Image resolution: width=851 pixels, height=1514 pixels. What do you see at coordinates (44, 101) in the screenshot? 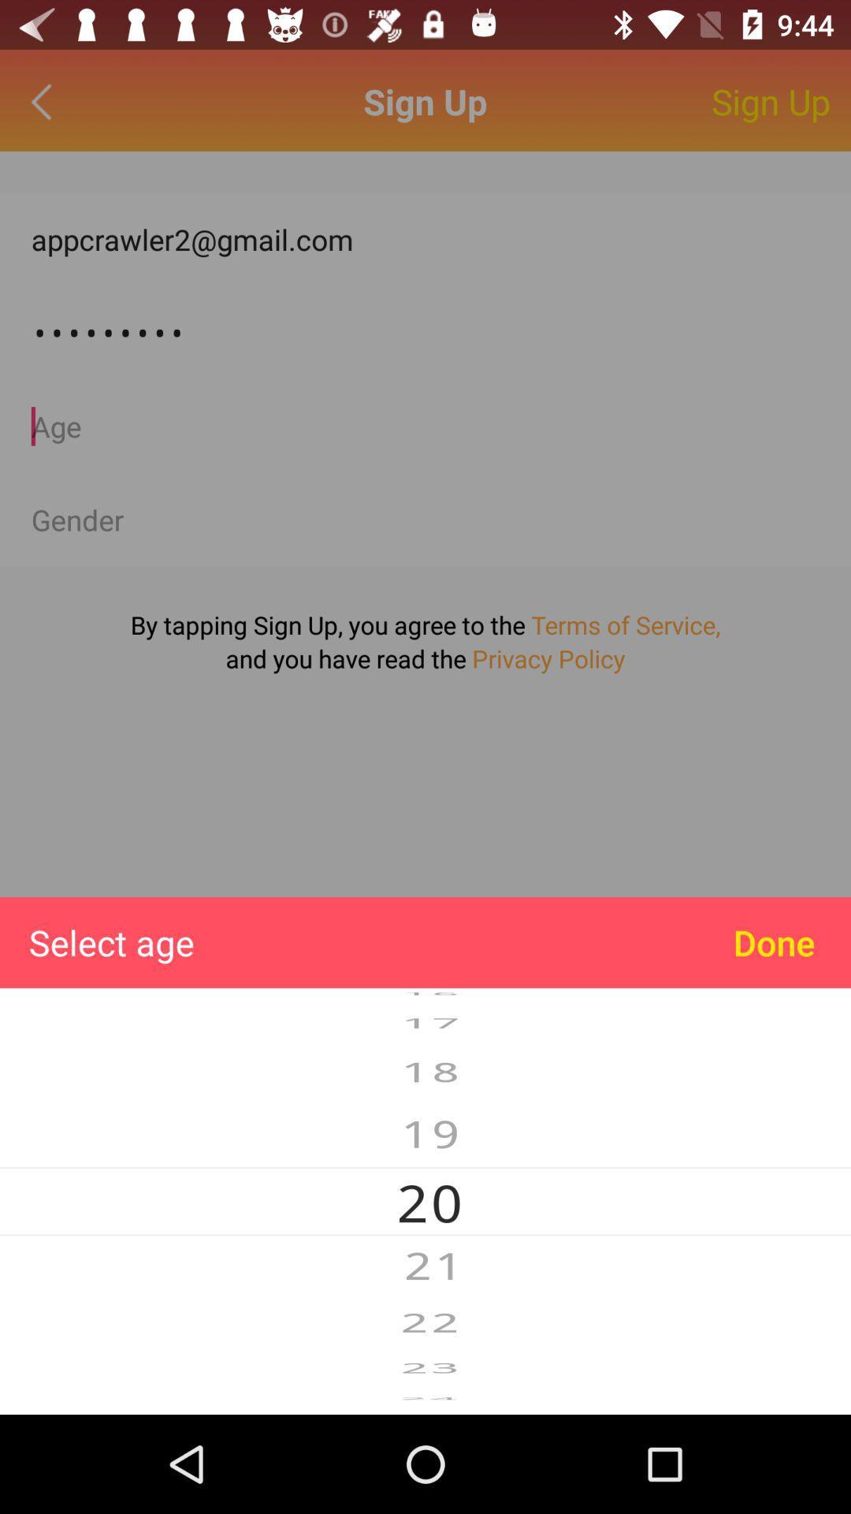
I see `previous` at bounding box center [44, 101].